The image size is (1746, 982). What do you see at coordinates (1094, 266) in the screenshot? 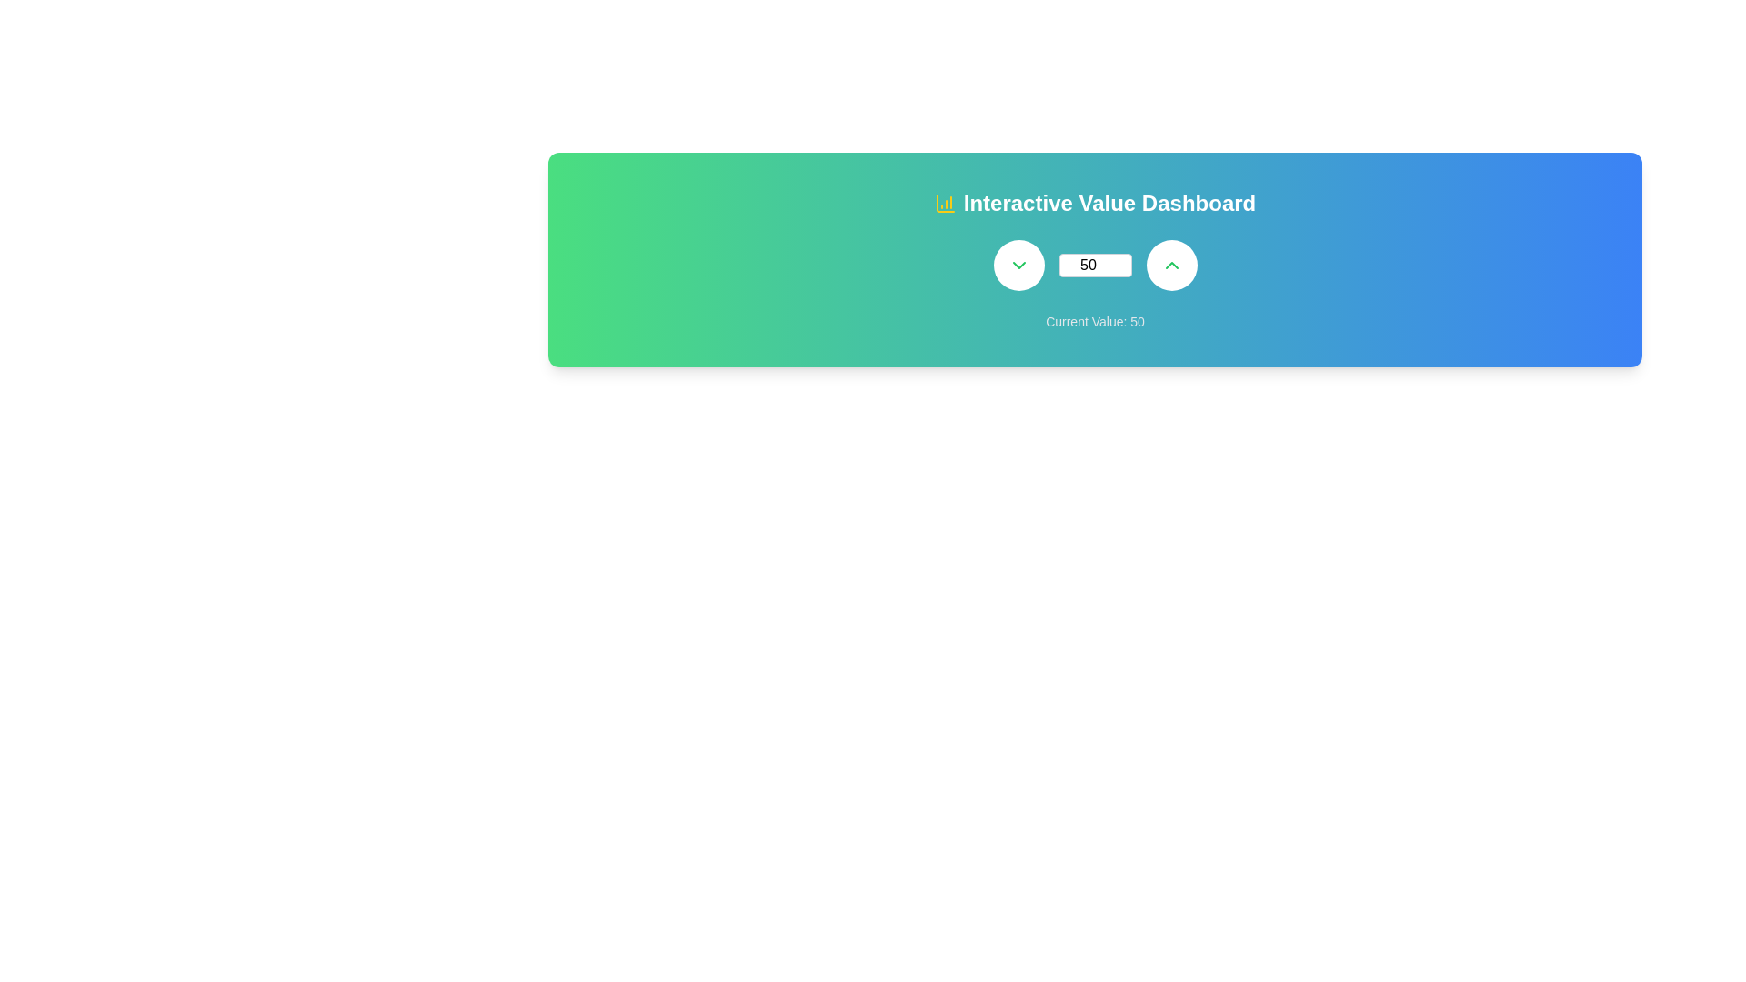
I see `to shift focus on the Input plus controls group located above the 'Current Value: 50' text in the 'Interactive Value Dashboard'` at bounding box center [1094, 266].